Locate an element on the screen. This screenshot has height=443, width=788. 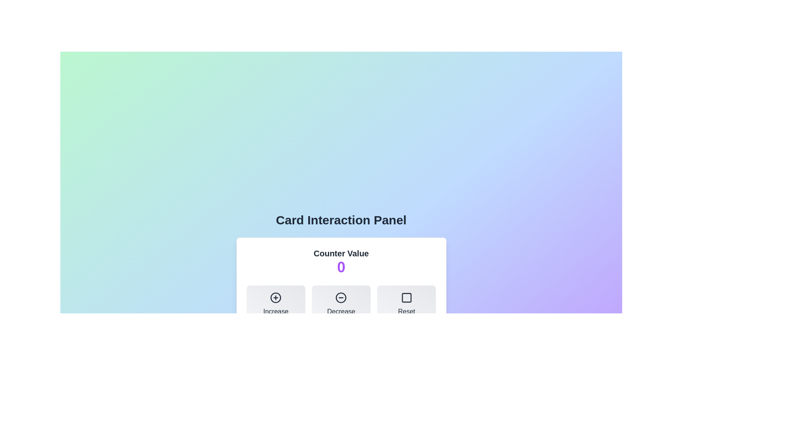
the decrement control button represented by the circle-minus icon, located in the 'Decrease' section beneath the 'Counter Value' heading, to decrease the displayed numerical value is located at coordinates (341, 297).